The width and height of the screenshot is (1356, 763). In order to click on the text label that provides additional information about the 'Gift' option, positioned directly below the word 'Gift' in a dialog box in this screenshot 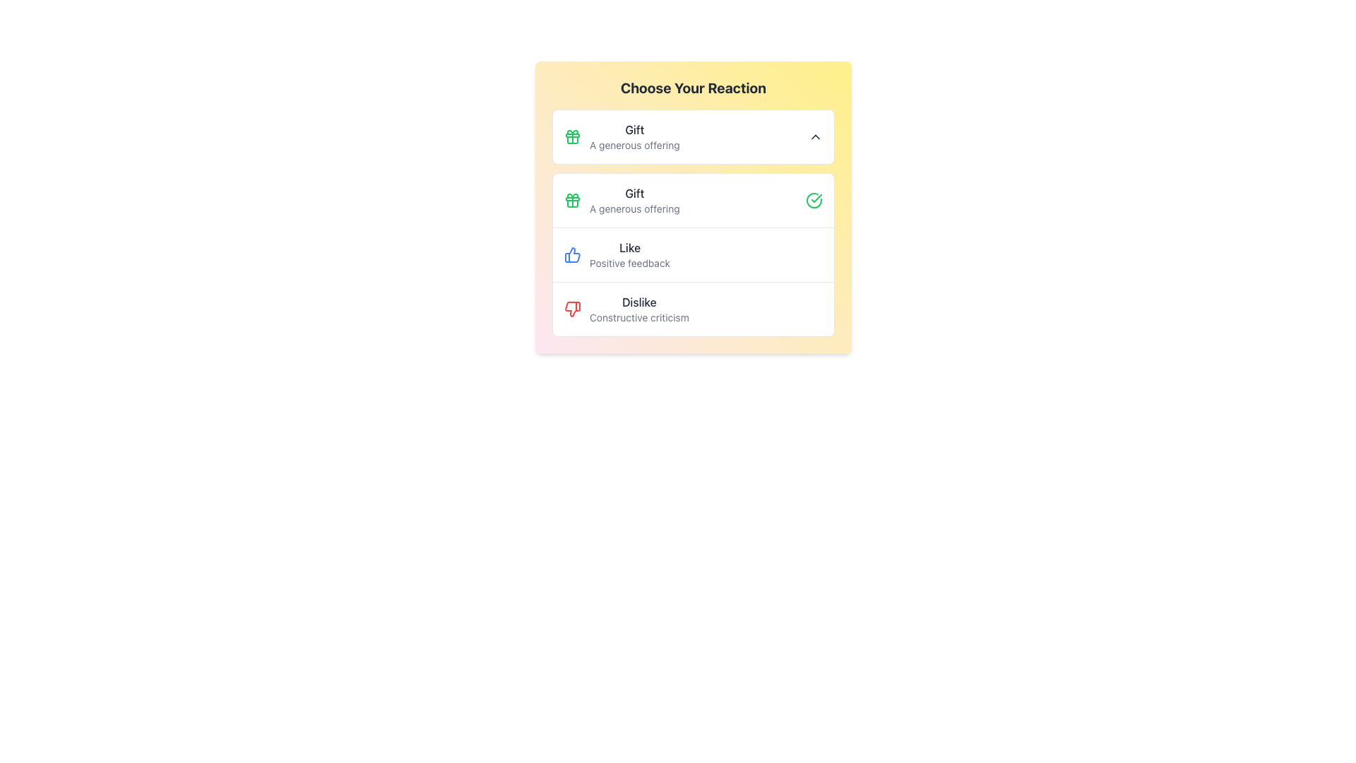, I will do `click(634, 145)`.